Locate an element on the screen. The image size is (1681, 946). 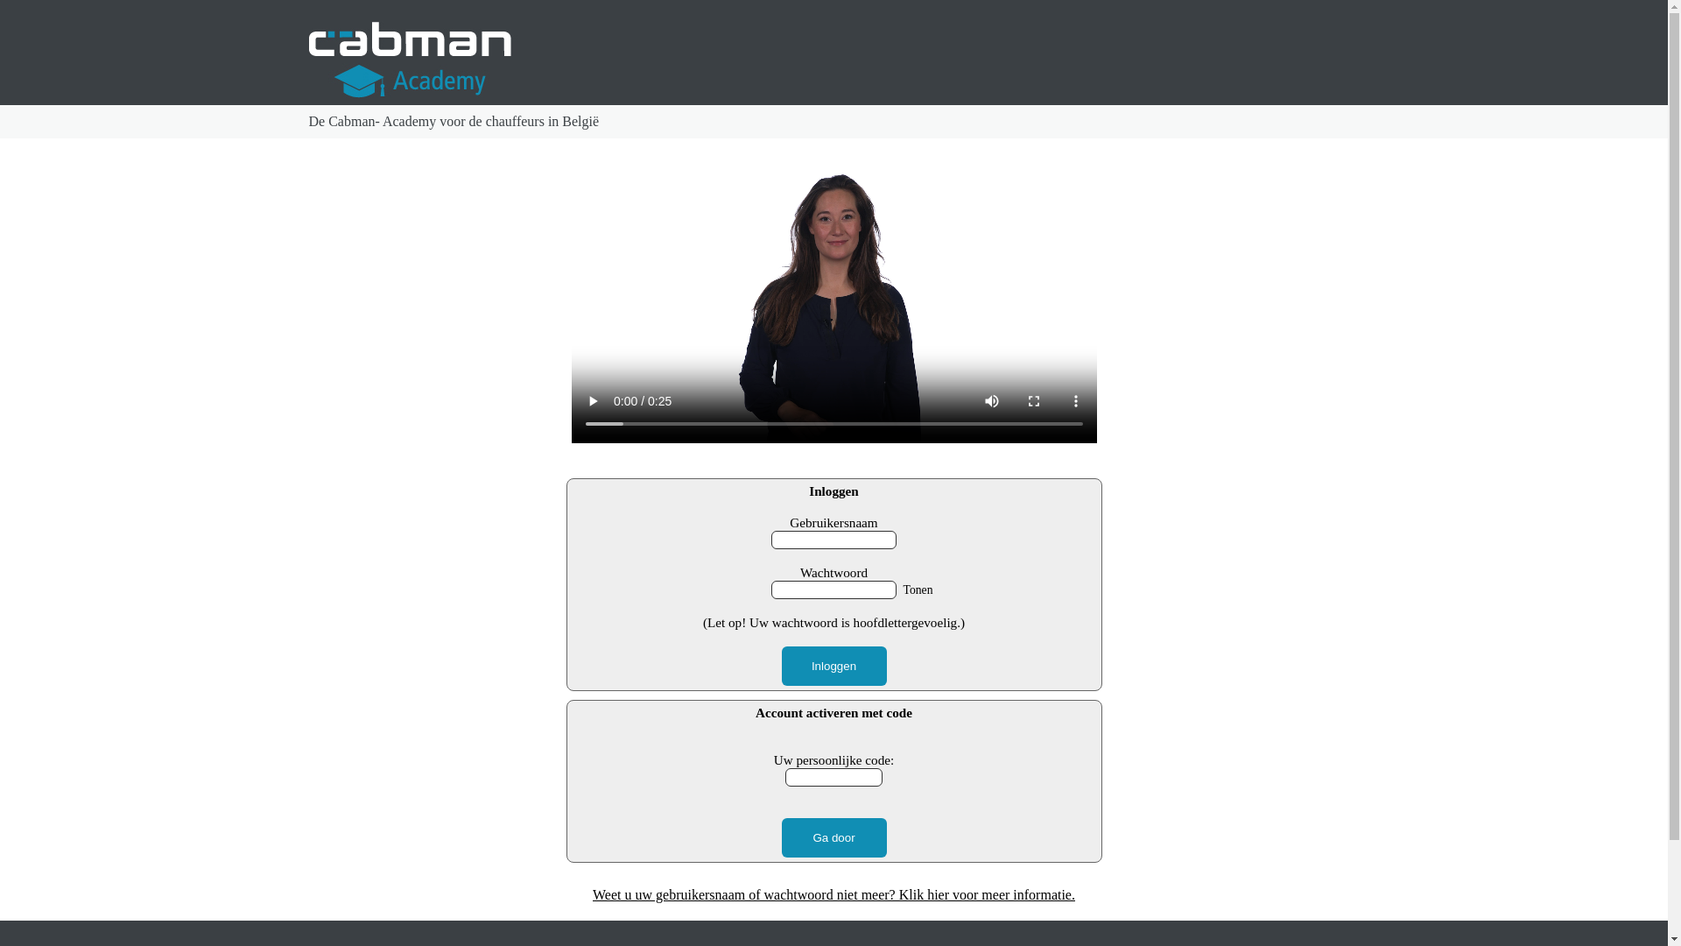
'Ga door' is located at coordinates (832, 837).